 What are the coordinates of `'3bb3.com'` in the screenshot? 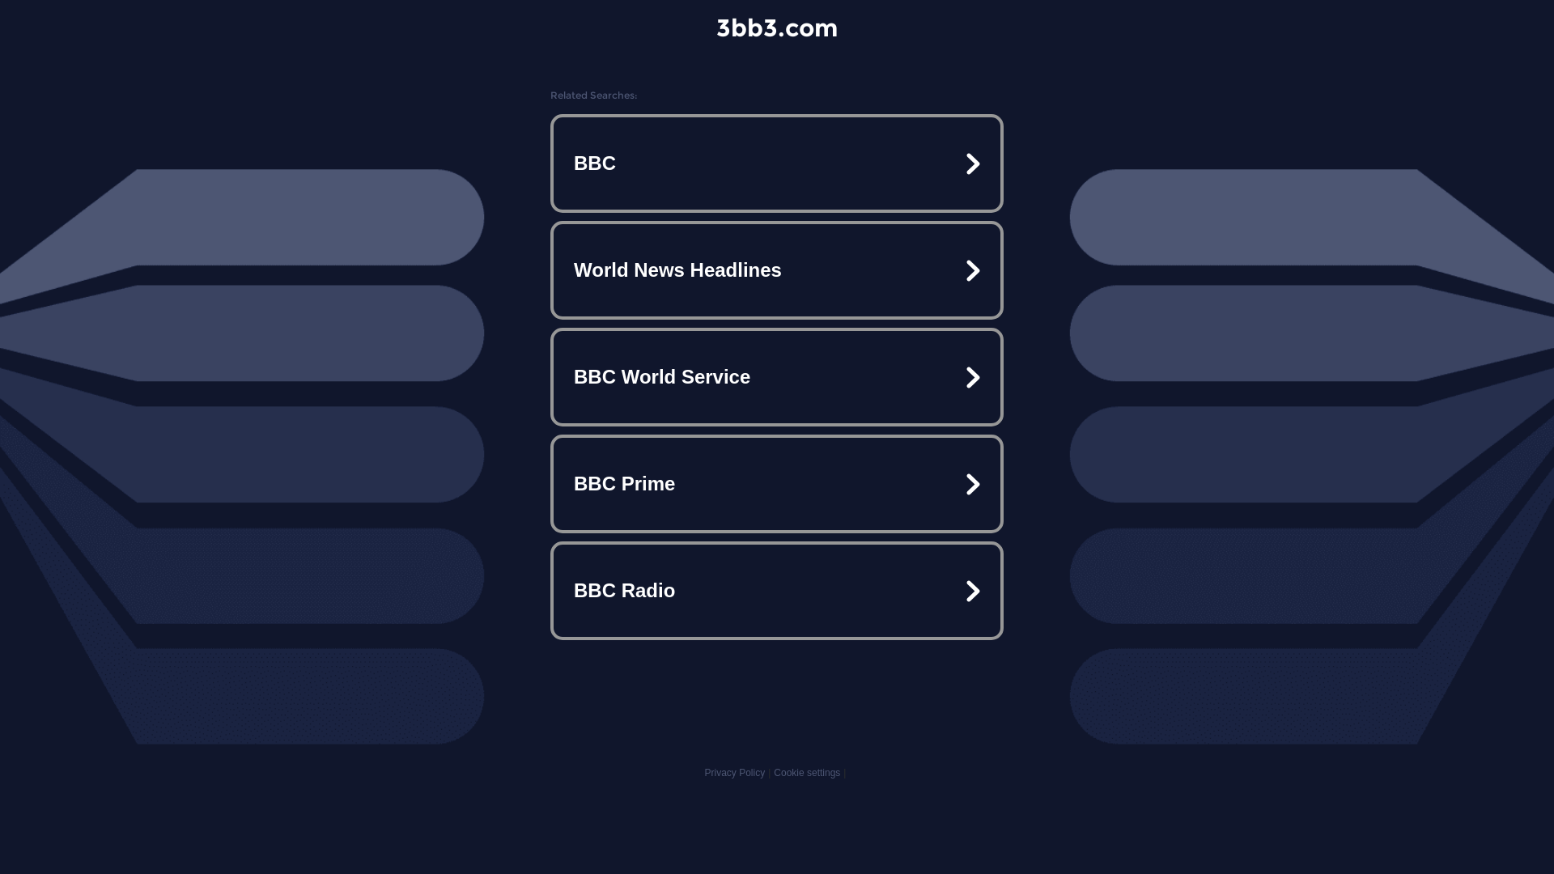 It's located at (777, 28).